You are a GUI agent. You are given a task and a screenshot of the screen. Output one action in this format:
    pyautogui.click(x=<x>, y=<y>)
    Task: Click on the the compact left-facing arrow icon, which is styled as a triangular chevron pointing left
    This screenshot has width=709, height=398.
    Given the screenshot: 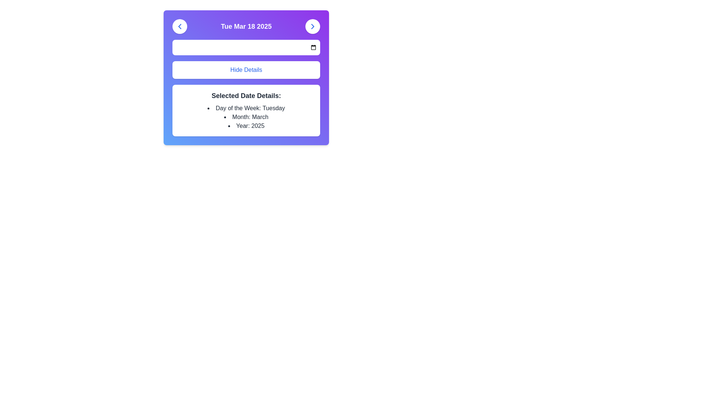 What is the action you would take?
    pyautogui.click(x=179, y=26)
    